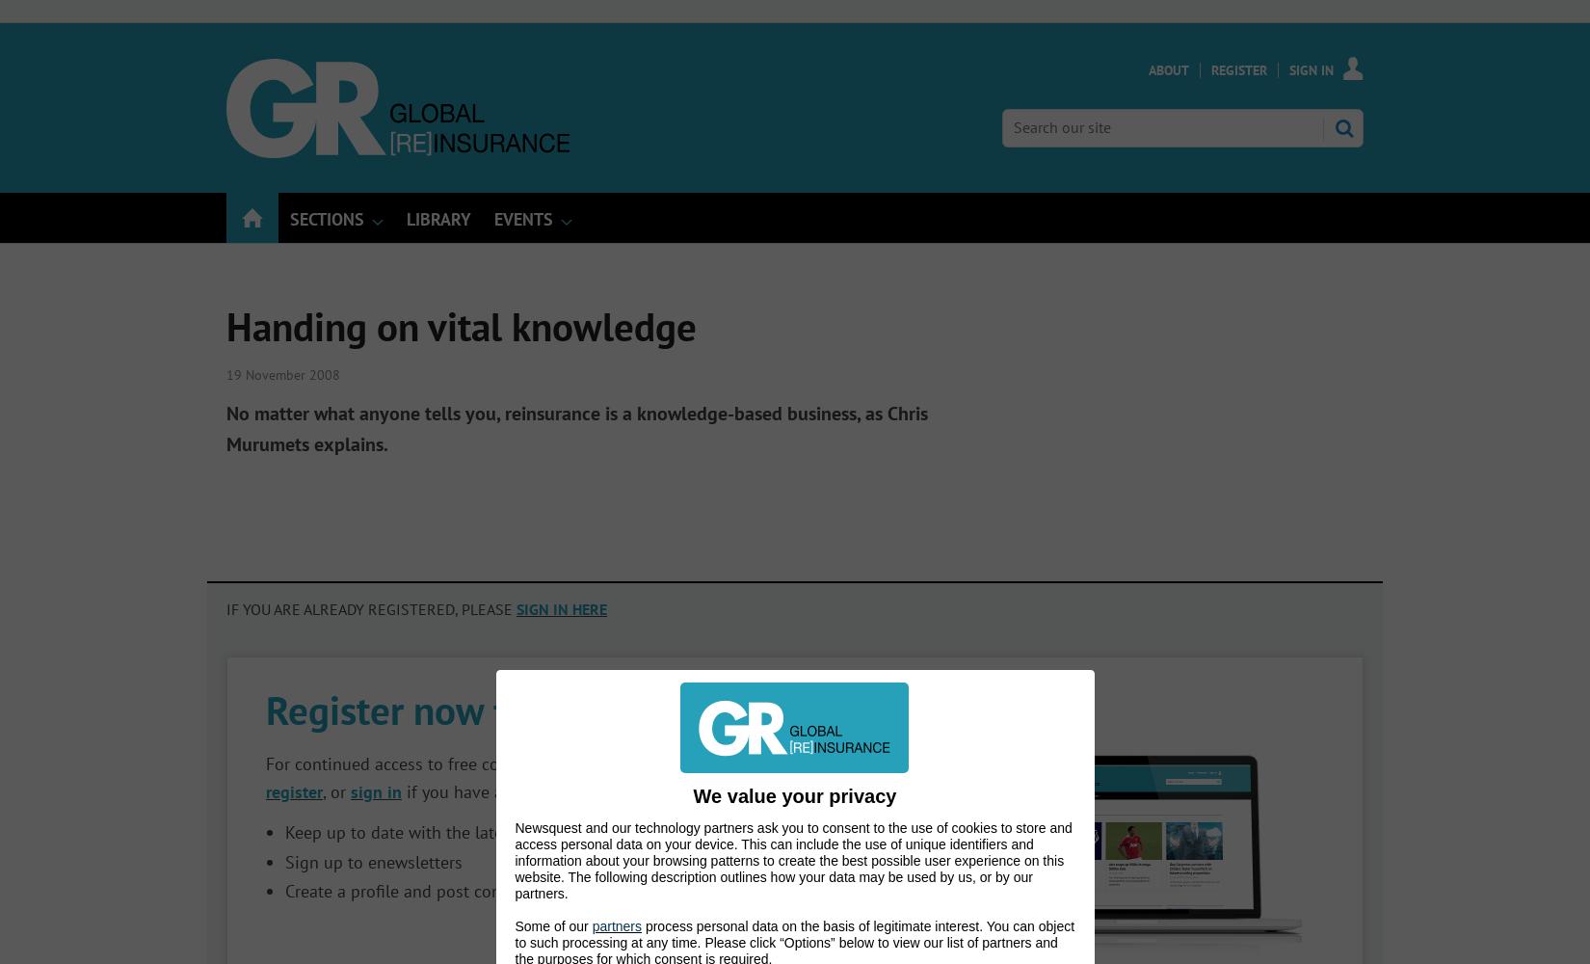 This screenshot has height=964, width=1590. Describe the element at coordinates (522, 218) in the screenshot. I see `'Events'` at that location.